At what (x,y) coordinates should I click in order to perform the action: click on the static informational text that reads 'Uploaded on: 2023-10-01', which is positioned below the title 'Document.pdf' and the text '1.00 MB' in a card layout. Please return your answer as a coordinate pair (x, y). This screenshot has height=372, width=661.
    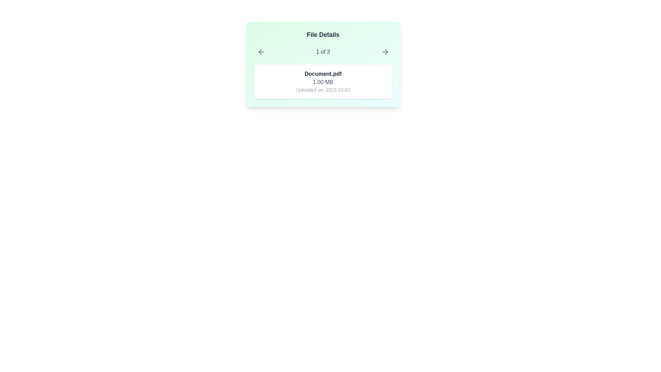
    Looking at the image, I should click on (323, 90).